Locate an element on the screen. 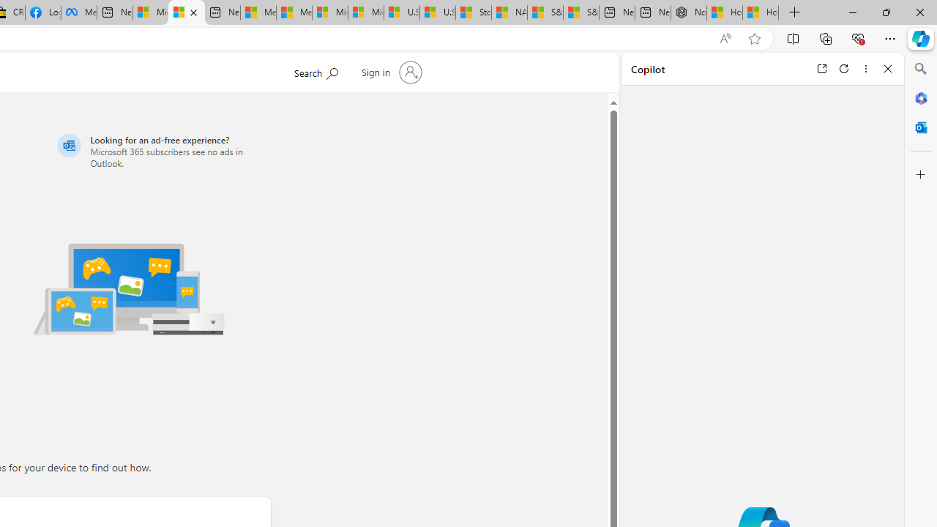  'Open link in new tab' is located at coordinates (821, 68).